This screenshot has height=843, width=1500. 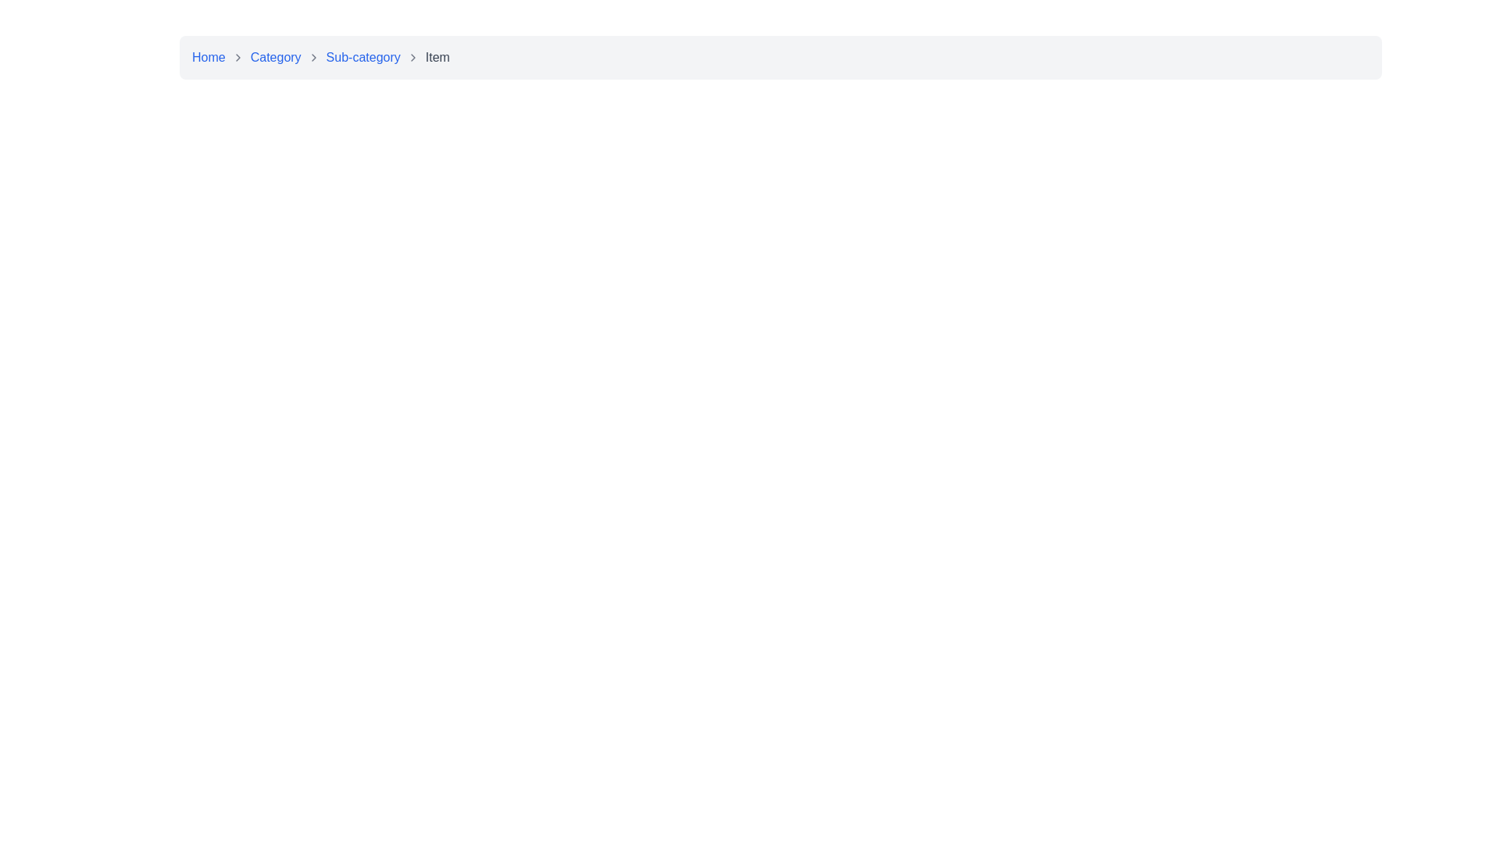 I want to click on the static text label displaying 'Item' in the breadcrumb navigation bar, which is the fourth entry in the sequence and is positioned at the far-right end, next to a chevron icon, so click(x=437, y=56).